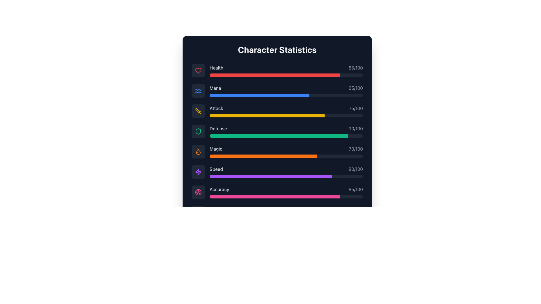 The height and width of the screenshot is (304, 541). I want to click on the 'Attack' icon represented by a sword, which is located in the third row from the top, to the left of the text 'Attack' and its progress bar, so click(198, 111).